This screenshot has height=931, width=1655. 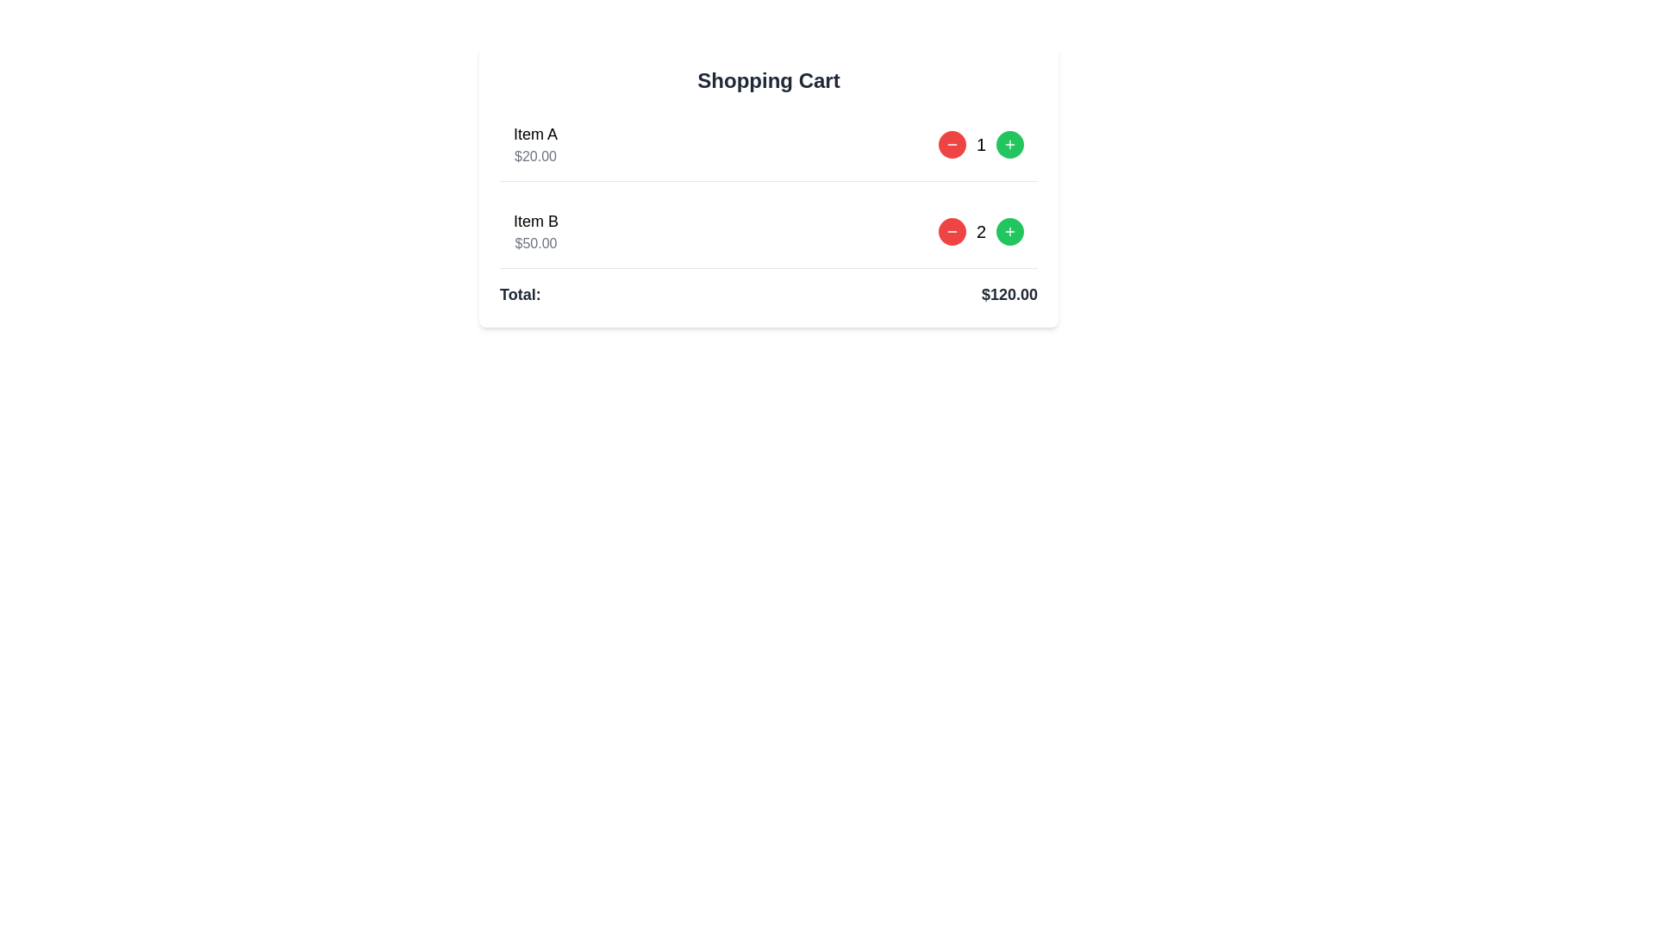 I want to click on the text label that identifies the name of an item listed in the shopping cart, located in the first list item above the price line, so click(x=534, y=133).